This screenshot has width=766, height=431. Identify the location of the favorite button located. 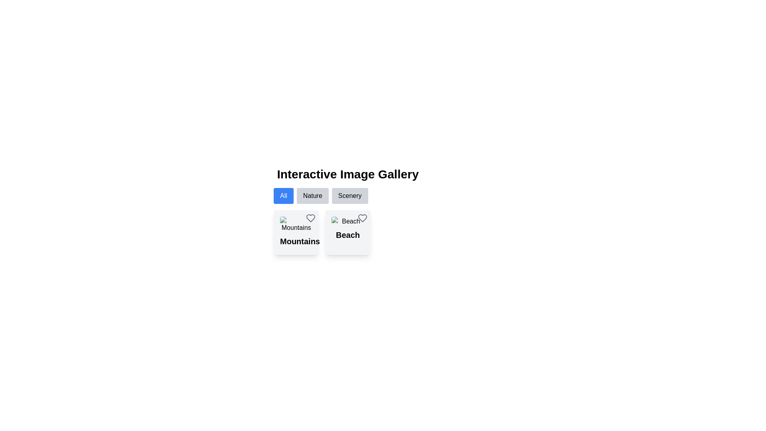
(310, 218).